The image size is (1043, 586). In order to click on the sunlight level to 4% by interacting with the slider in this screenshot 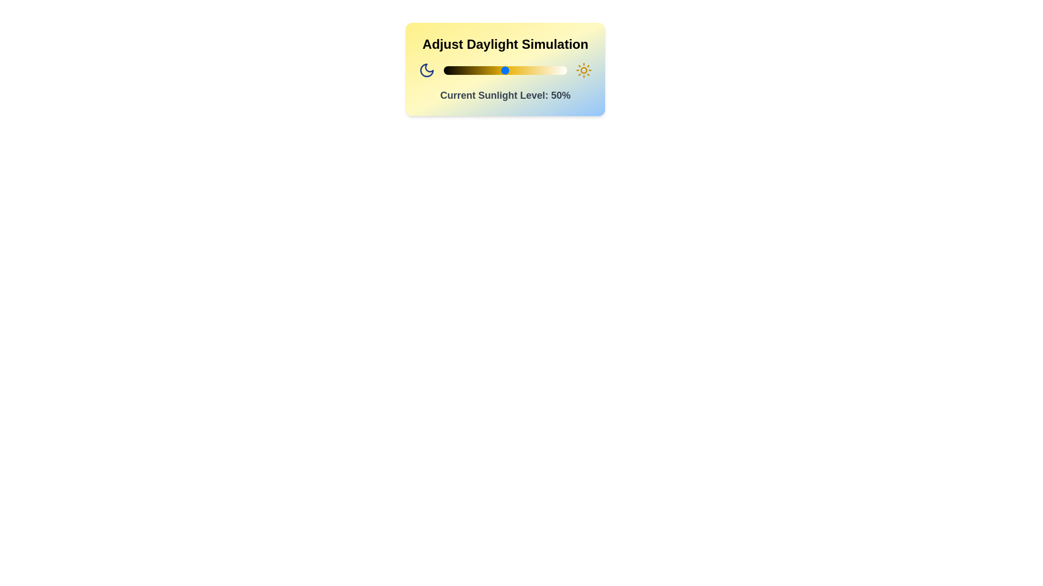, I will do `click(449, 71)`.